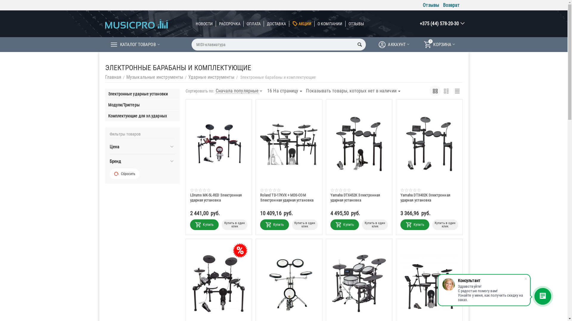  I want to click on '+375 (44) 578-20-30', so click(439, 23).